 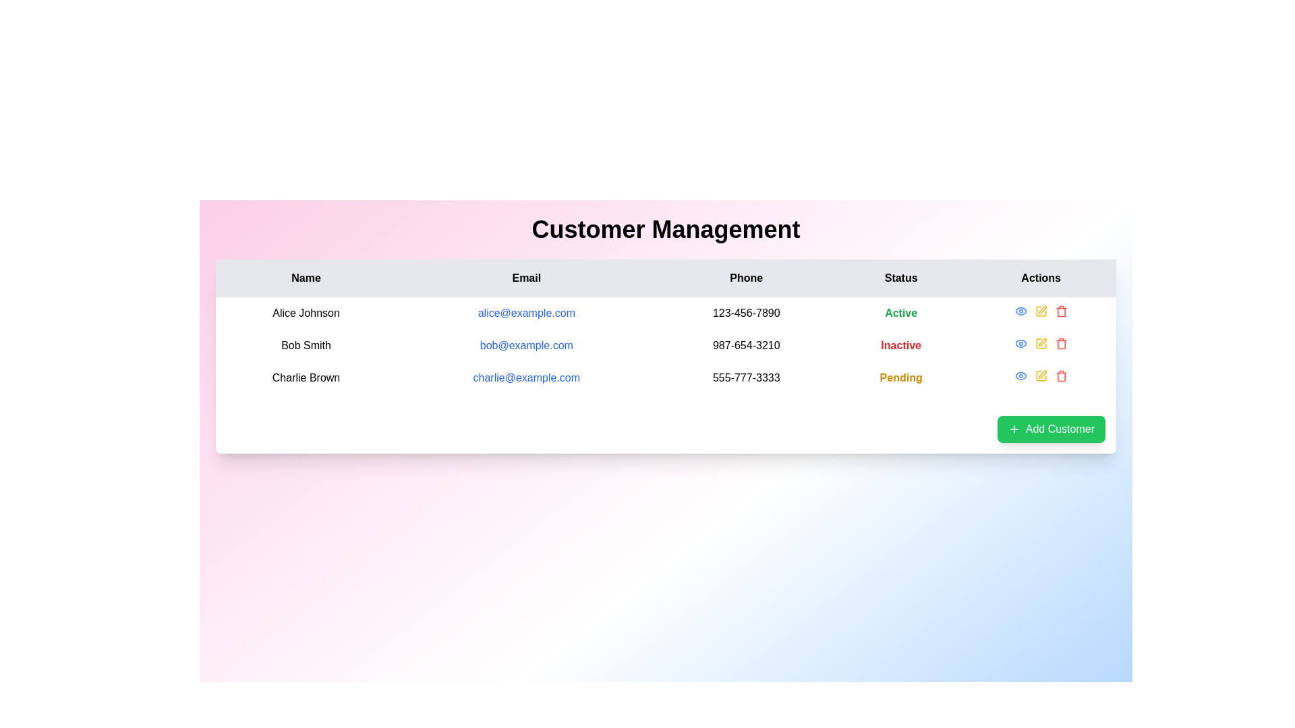 I want to click on the pencil icon in the interactive icons group, so click(x=1040, y=311).